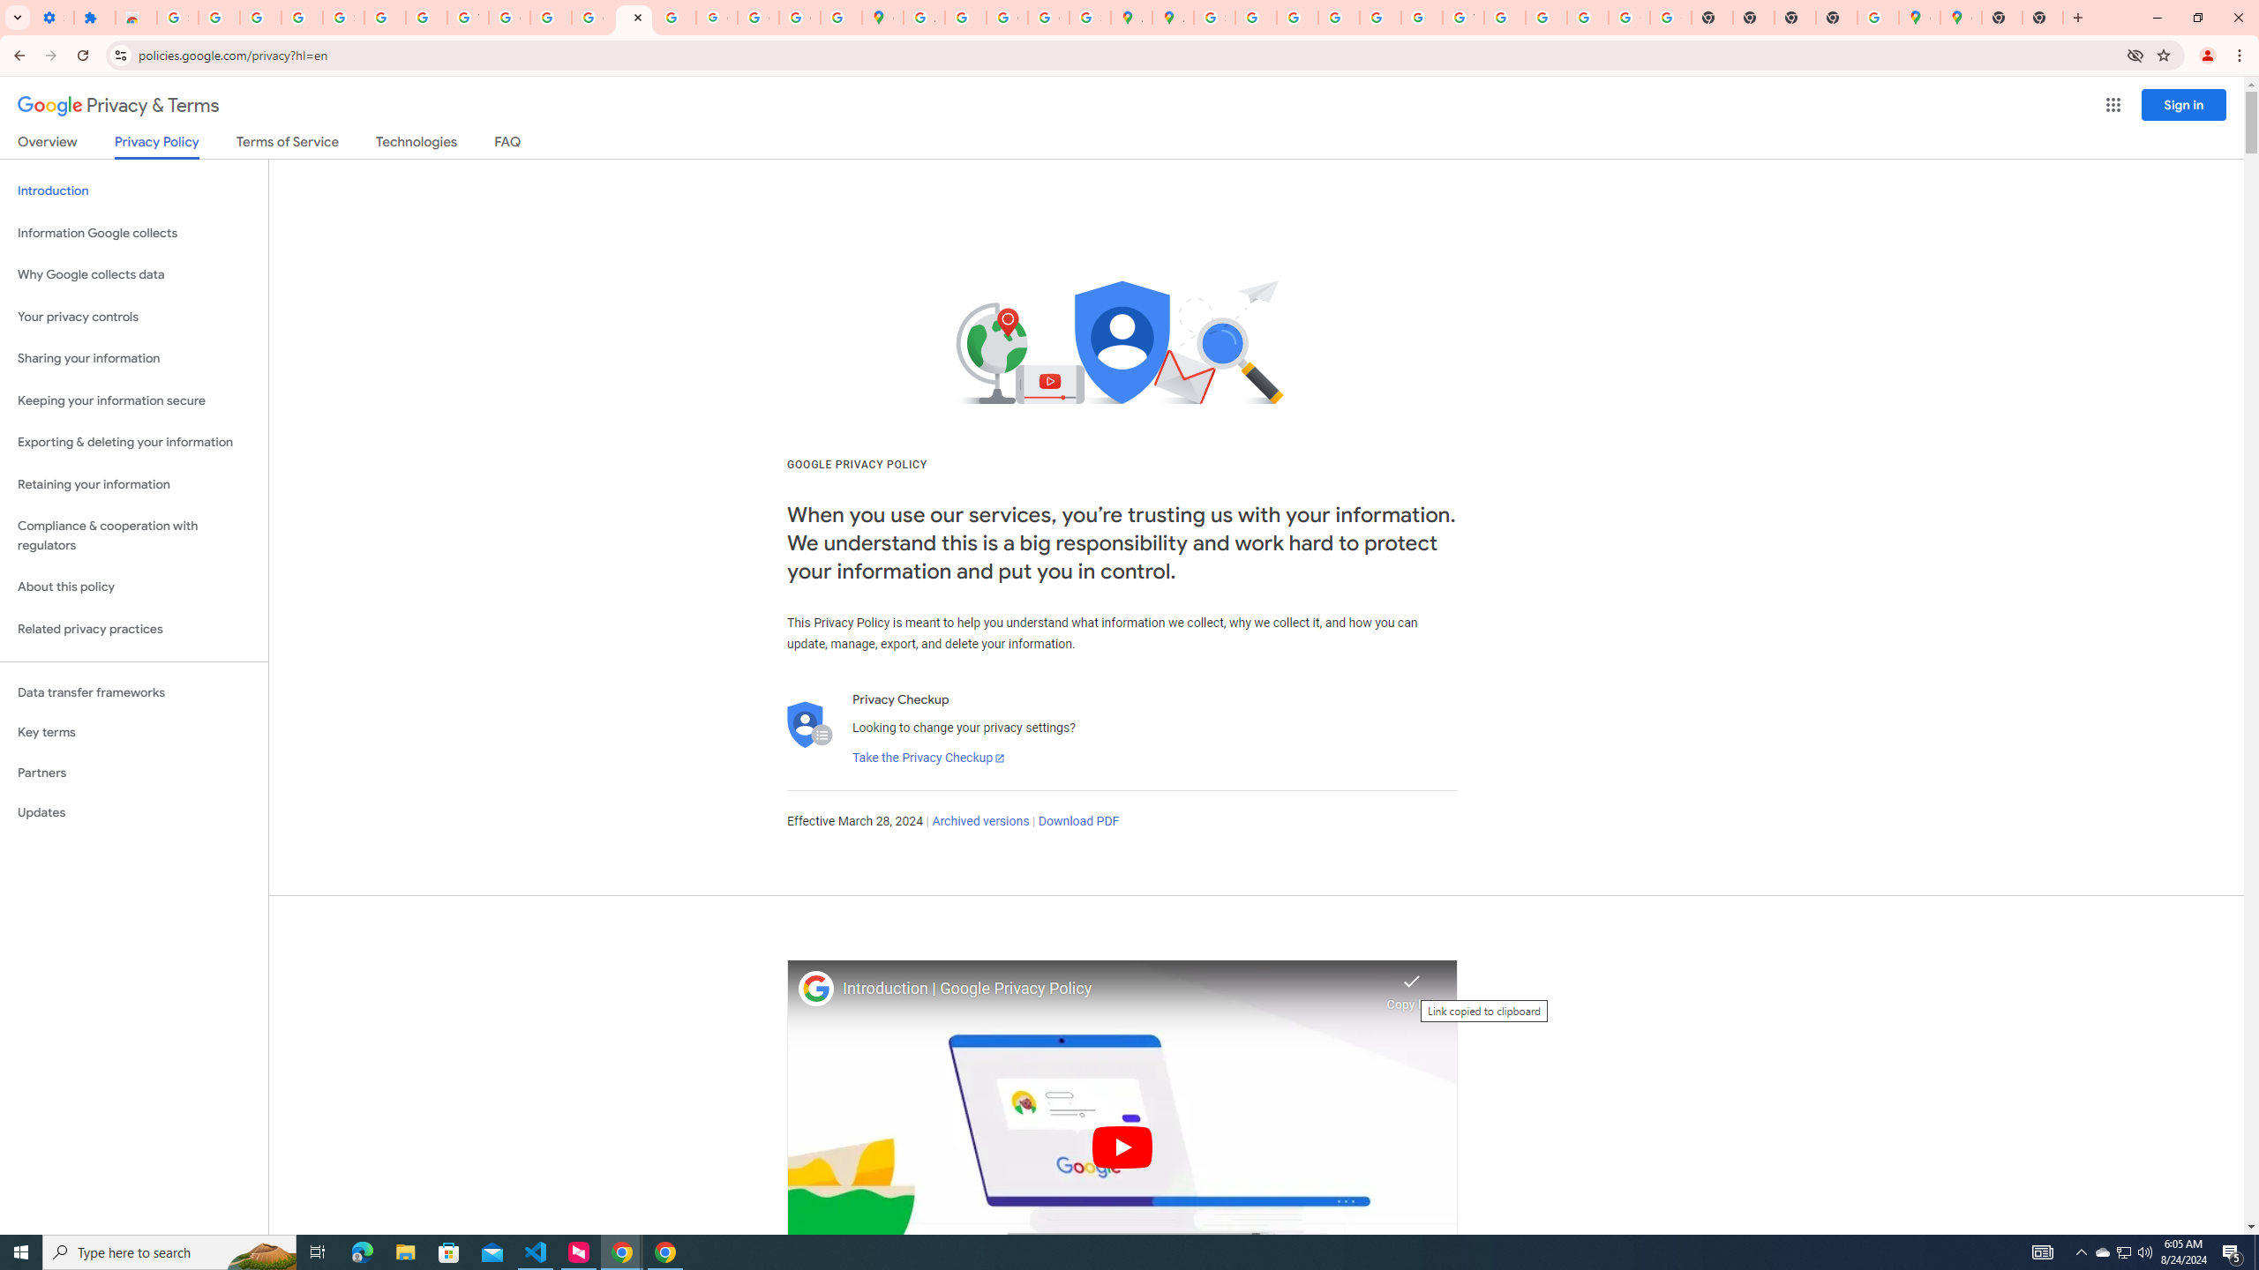 Image resolution: width=2259 pixels, height=1270 pixels. What do you see at coordinates (927, 757) in the screenshot?
I see `'Take the Privacy Checkup'` at bounding box center [927, 757].